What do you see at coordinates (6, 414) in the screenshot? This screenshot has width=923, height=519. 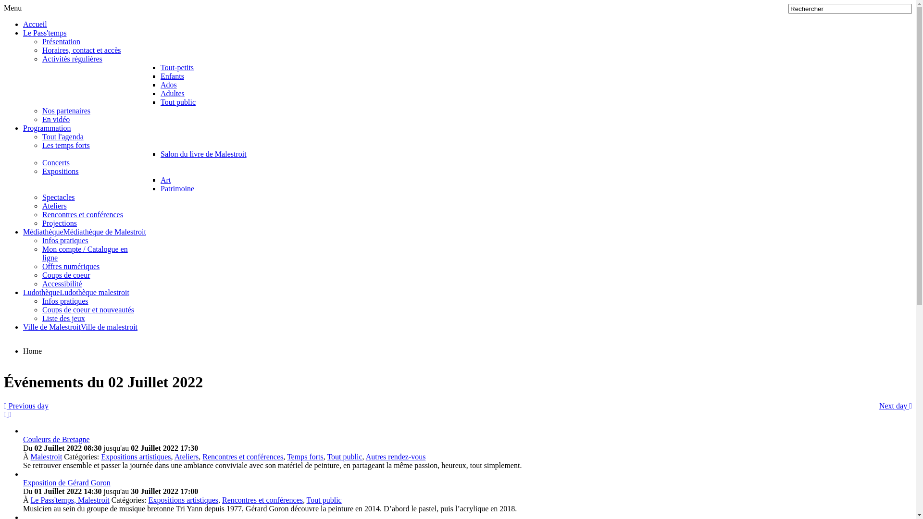 I see `'Flux RSS'` at bounding box center [6, 414].